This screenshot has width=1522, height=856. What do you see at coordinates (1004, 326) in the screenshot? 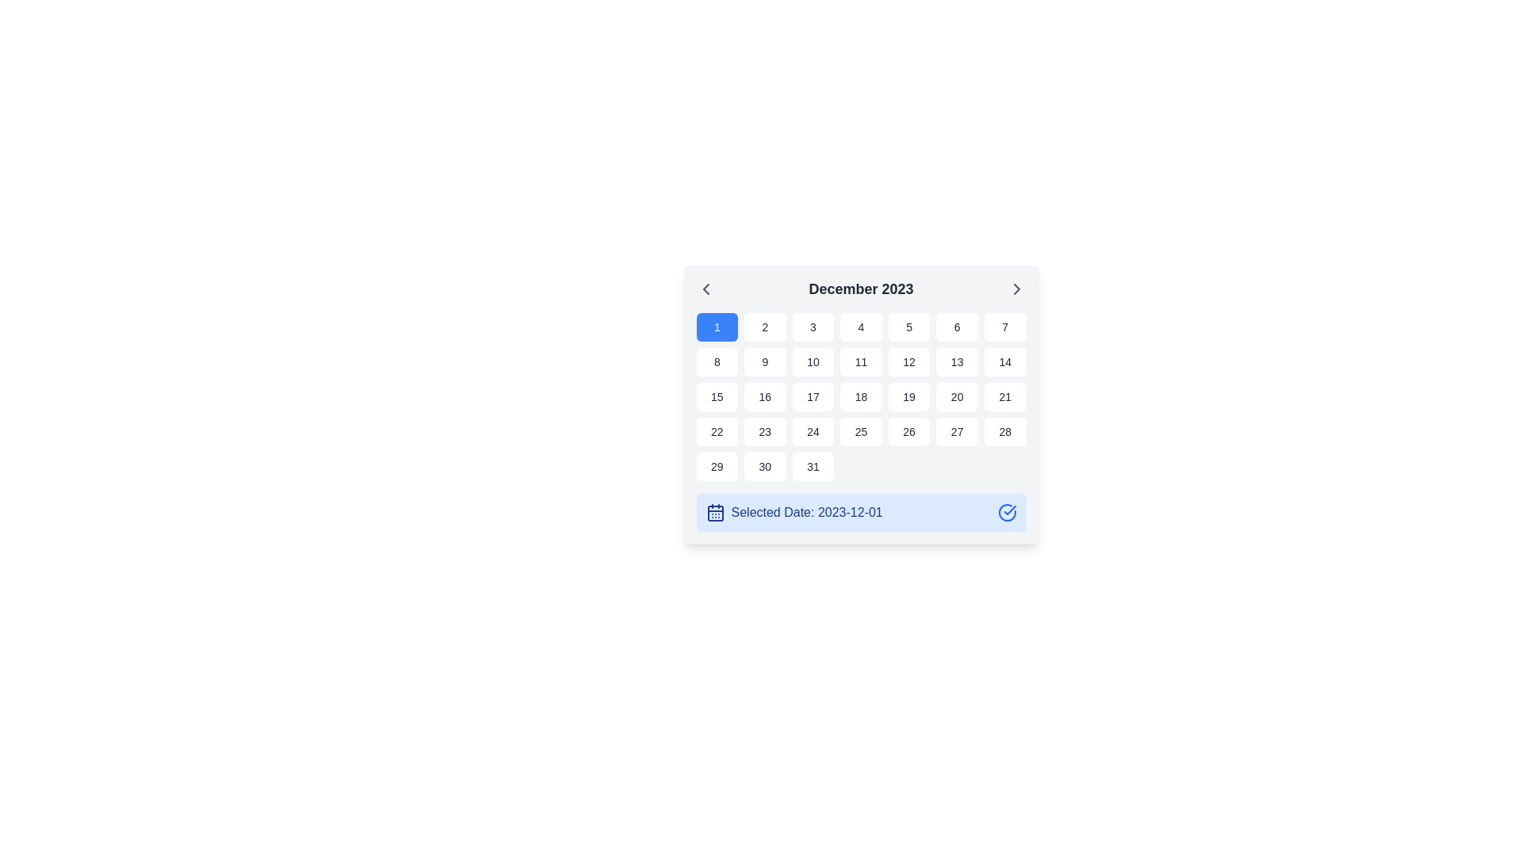
I see `the button` at bounding box center [1004, 326].